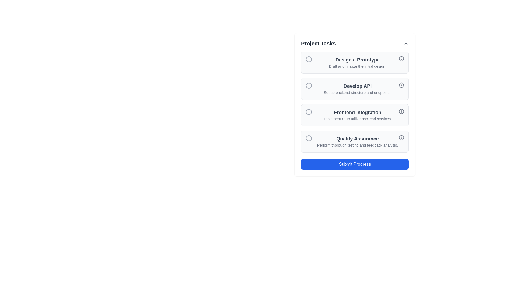 The width and height of the screenshot is (517, 290). What do you see at coordinates (401, 59) in the screenshot?
I see `the informational indicator icon located on the far right of the 'Design a Prototype' task section` at bounding box center [401, 59].